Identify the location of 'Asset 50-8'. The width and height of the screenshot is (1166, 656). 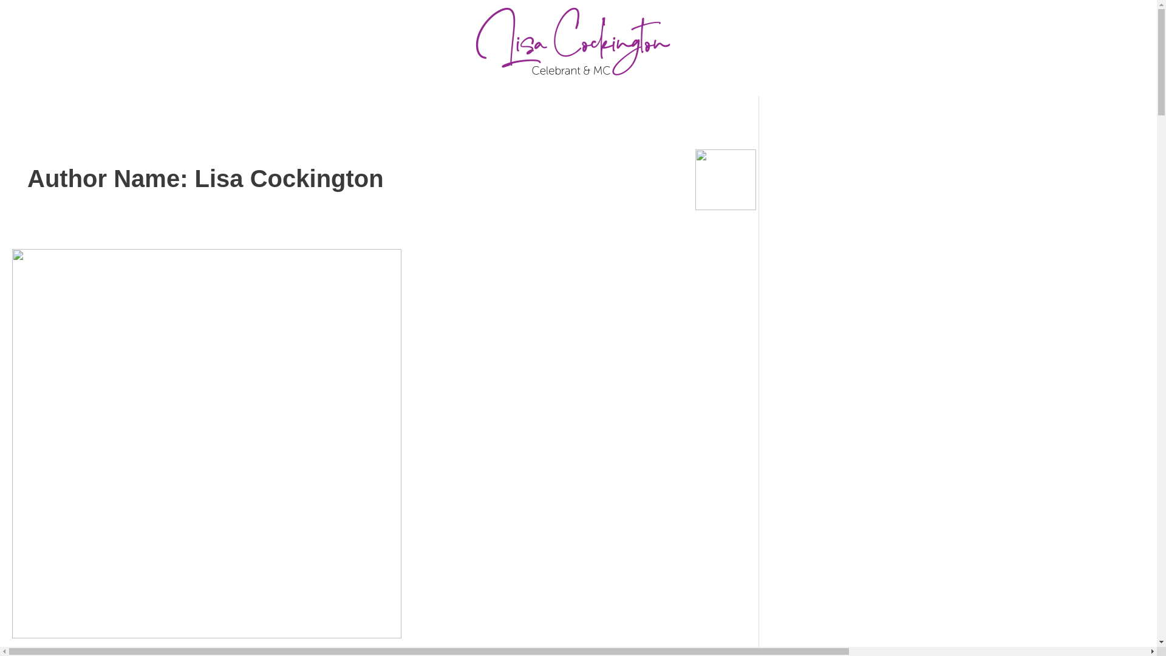
(578, 47).